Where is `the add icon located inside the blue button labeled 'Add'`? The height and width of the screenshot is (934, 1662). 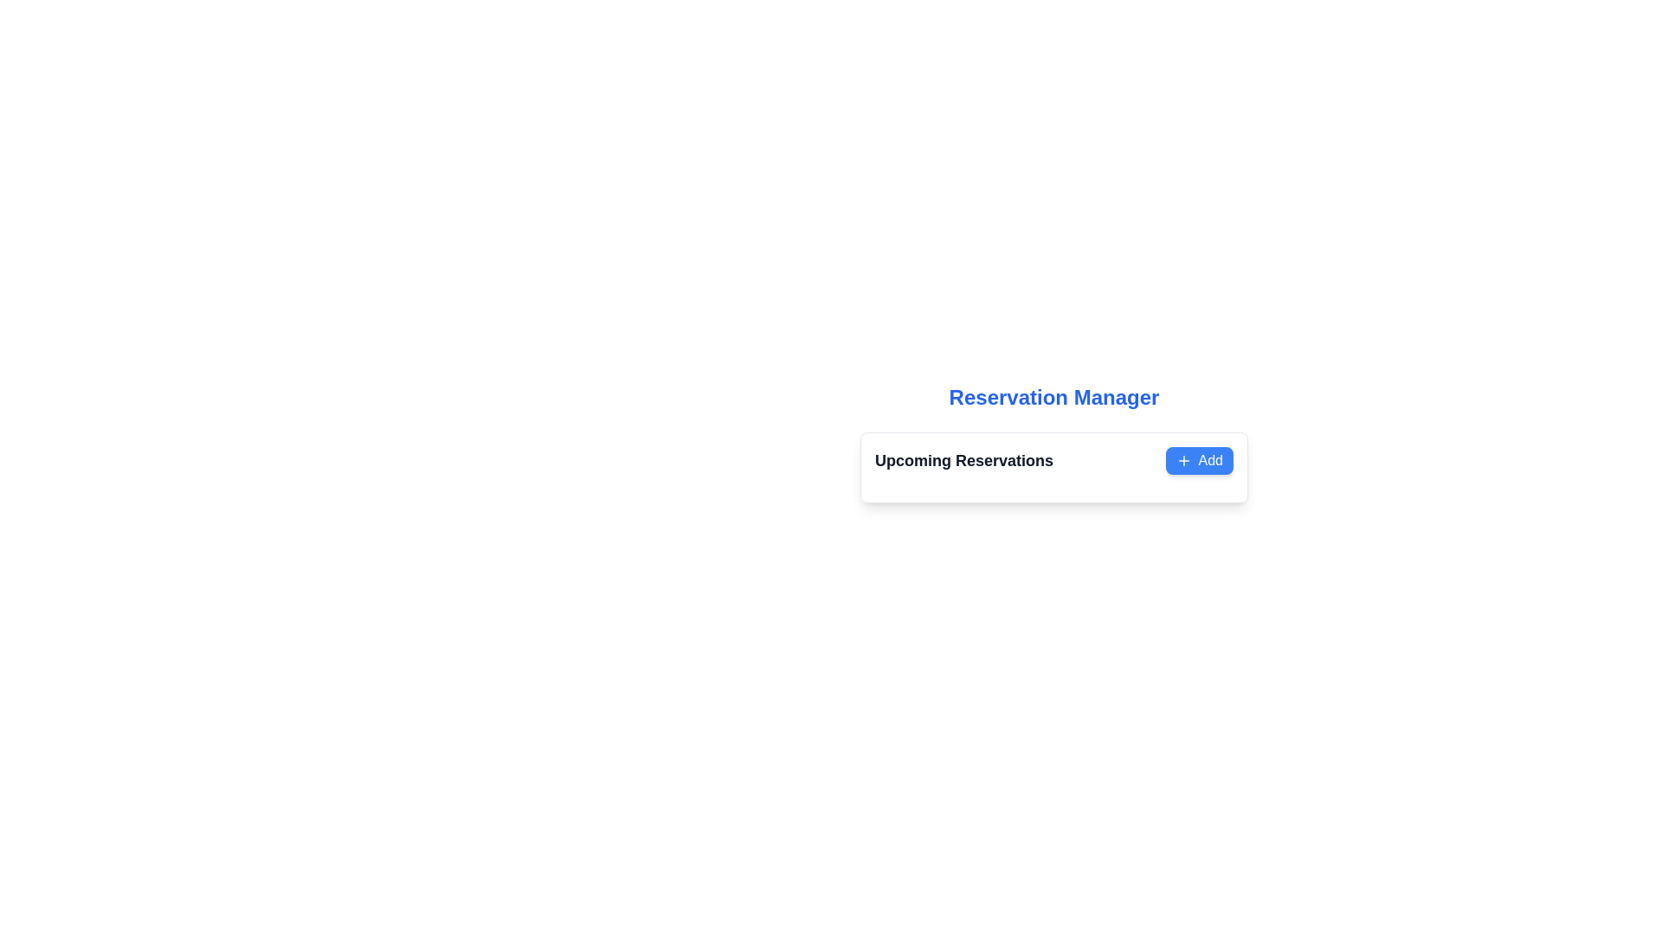
the add icon located inside the blue button labeled 'Add' is located at coordinates (1182, 459).